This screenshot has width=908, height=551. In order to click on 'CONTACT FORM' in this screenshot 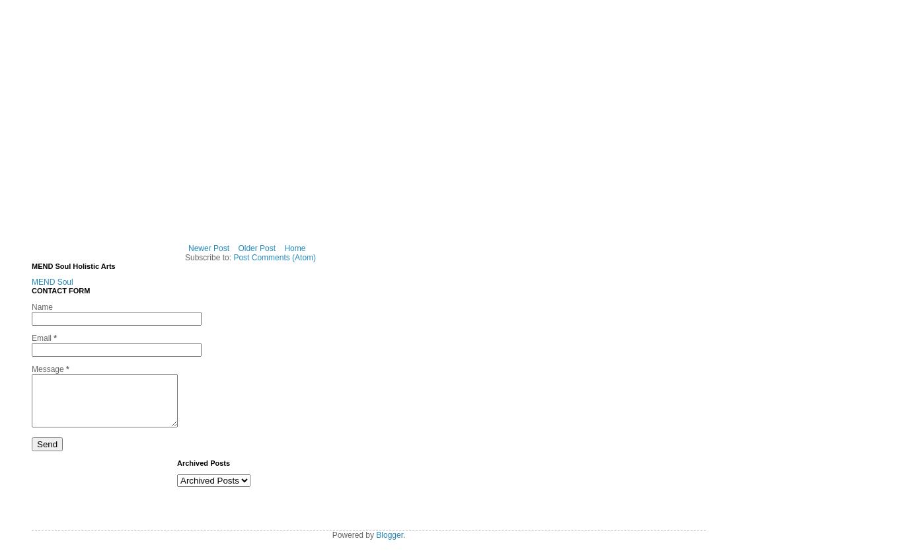, I will do `click(30, 290)`.